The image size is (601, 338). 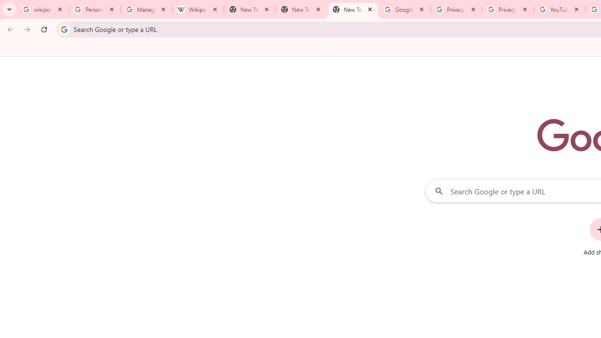 What do you see at coordinates (404, 9) in the screenshot?
I see `'Google Drive: Sign-in'` at bounding box center [404, 9].